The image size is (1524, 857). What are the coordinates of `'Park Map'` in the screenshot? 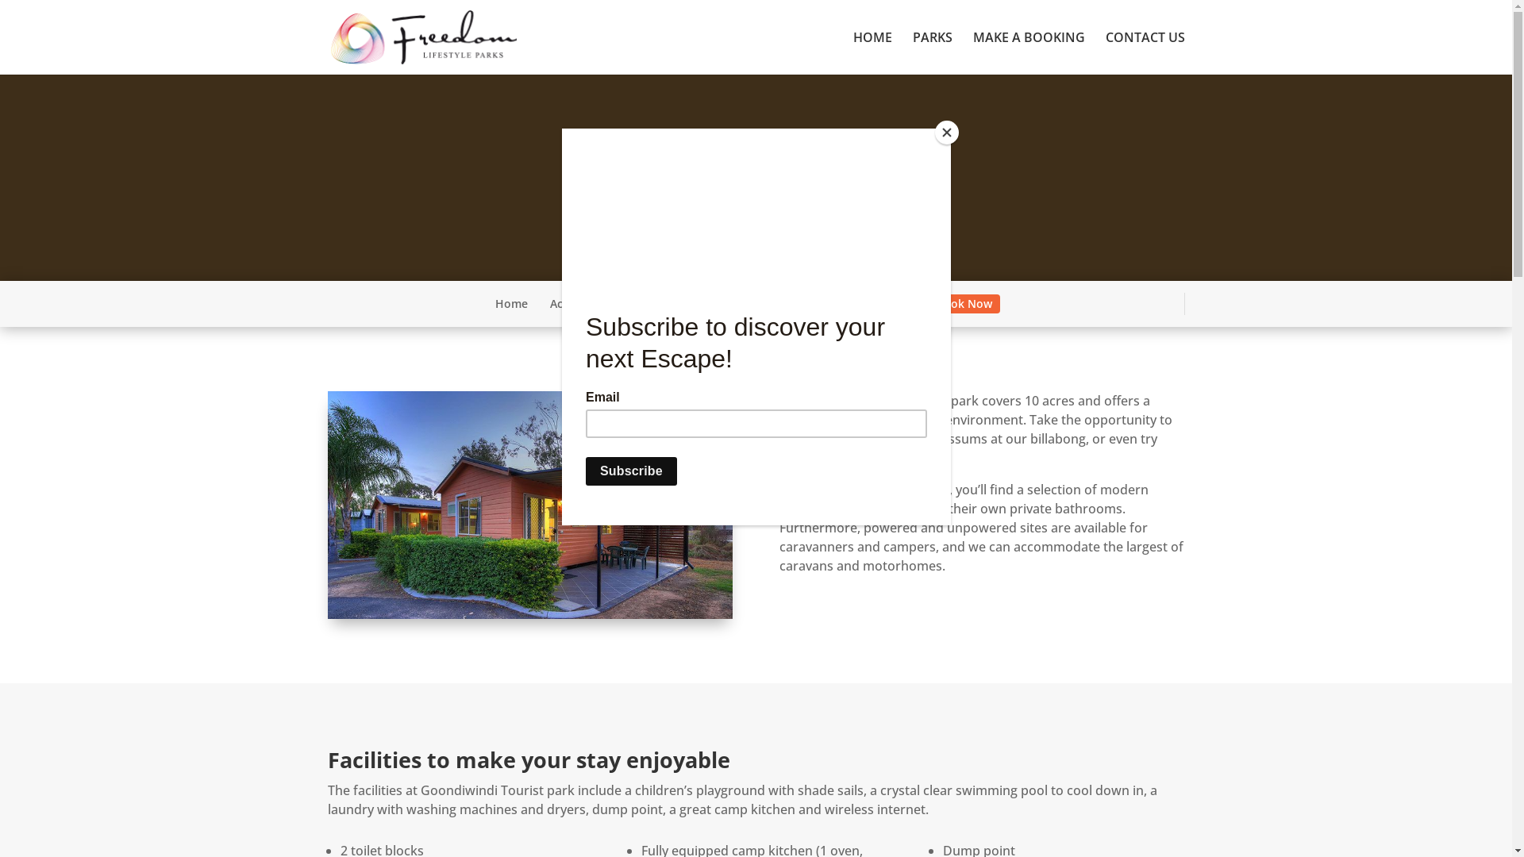 It's located at (687, 303).